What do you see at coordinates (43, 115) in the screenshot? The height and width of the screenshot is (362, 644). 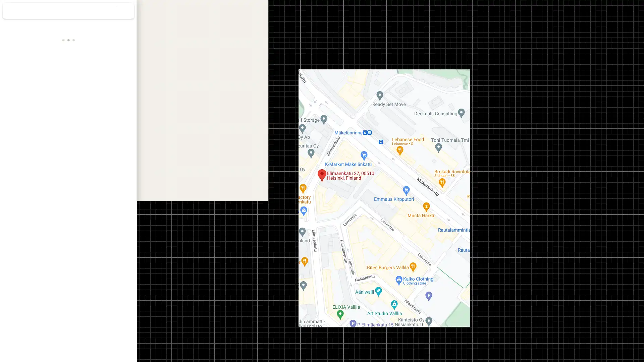 I see `Save Elimaenkatu 27 in your lists` at bounding box center [43, 115].